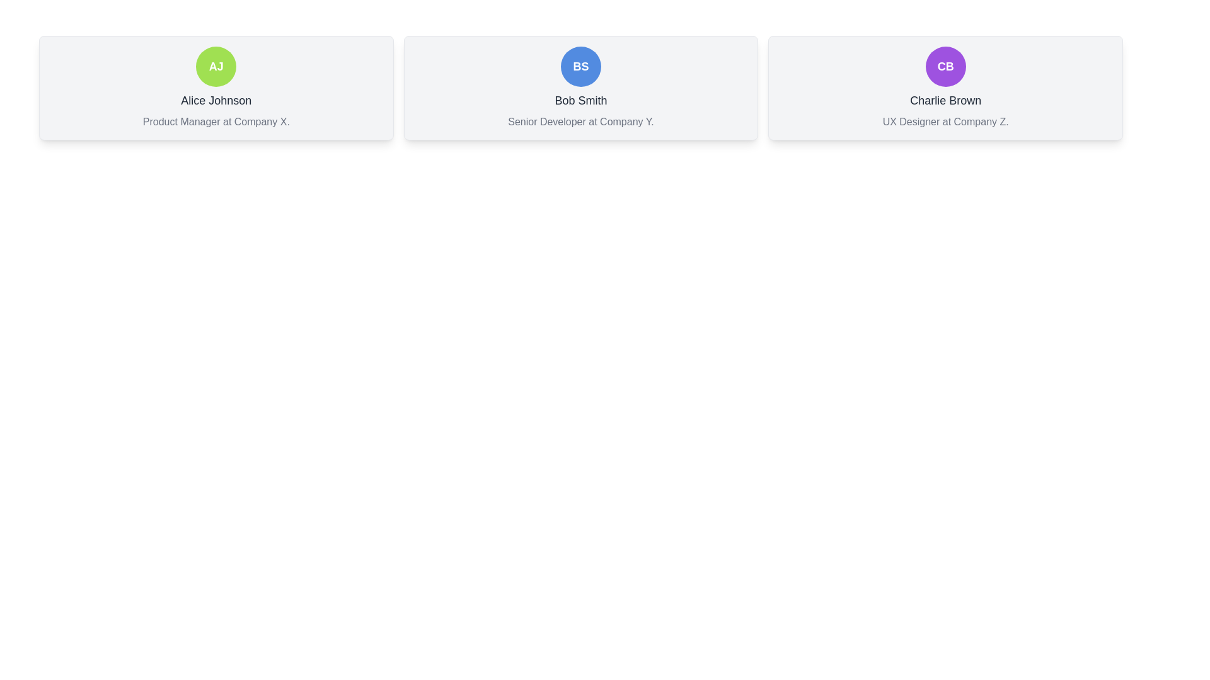 This screenshot has height=680, width=1210. What do you see at coordinates (945, 99) in the screenshot?
I see `the interactive text label displaying 'Charlie Brown' which is styled in medium-sized bold dark gray font, located within a card containing an avatar and additional text` at bounding box center [945, 99].